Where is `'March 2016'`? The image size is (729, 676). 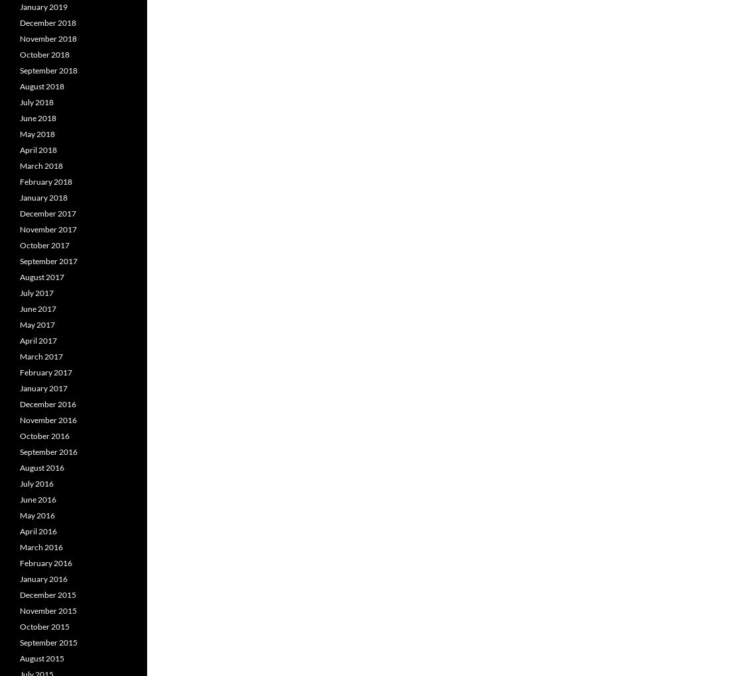 'March 2016' is located at coordinates (19, 547).